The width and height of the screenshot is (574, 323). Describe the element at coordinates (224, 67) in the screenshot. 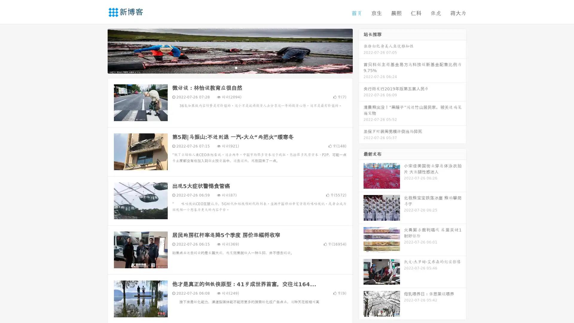

I see `Go to slide 1` at that location.